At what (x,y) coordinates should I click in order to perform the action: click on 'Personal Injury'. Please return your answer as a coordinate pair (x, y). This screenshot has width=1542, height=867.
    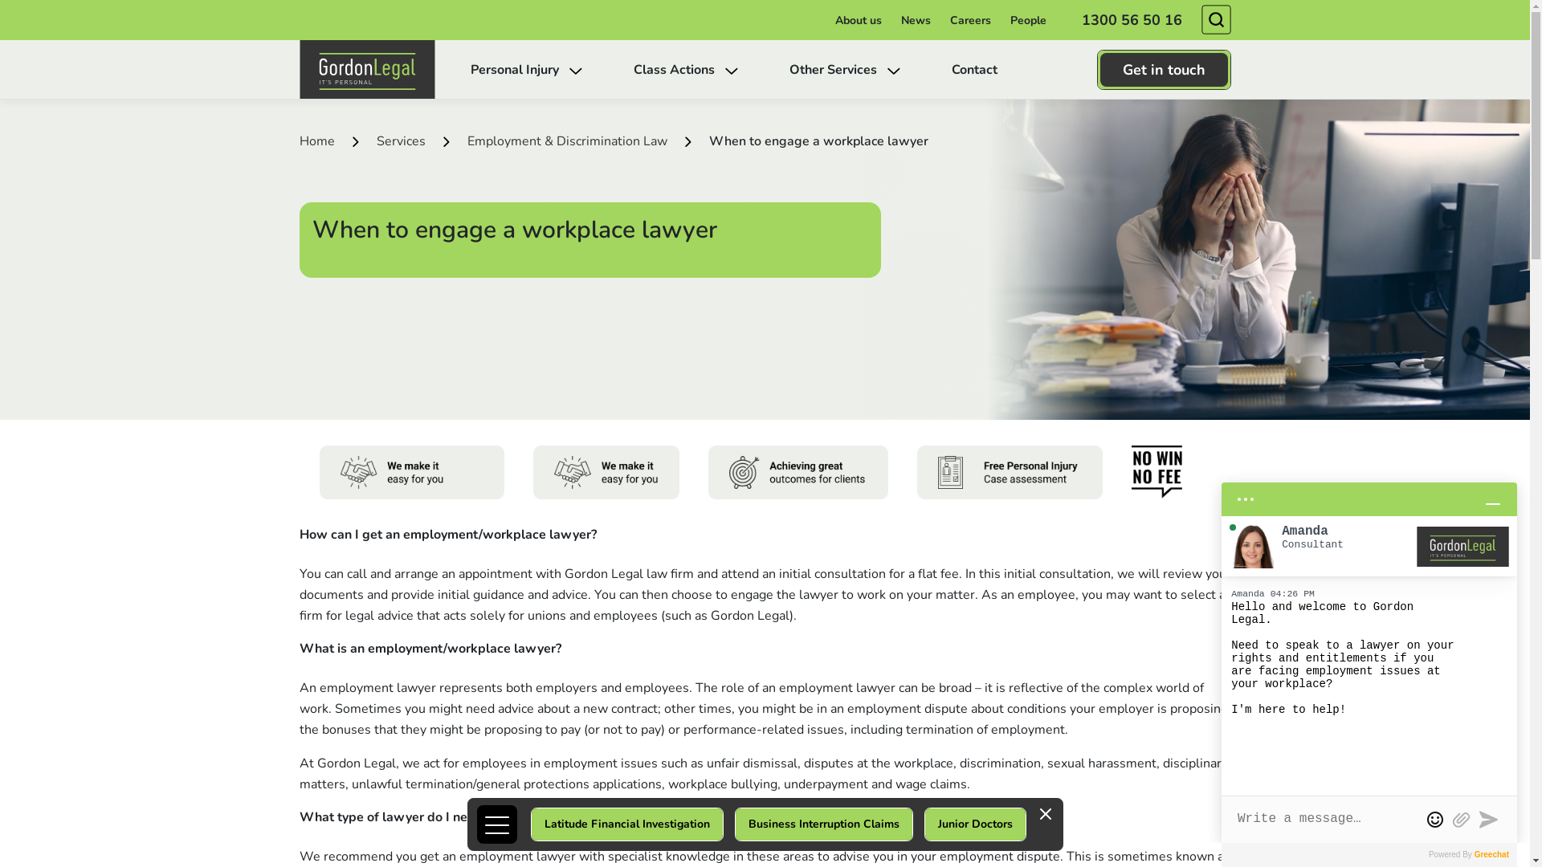
    Looking at the image, I should click on (526, 69).